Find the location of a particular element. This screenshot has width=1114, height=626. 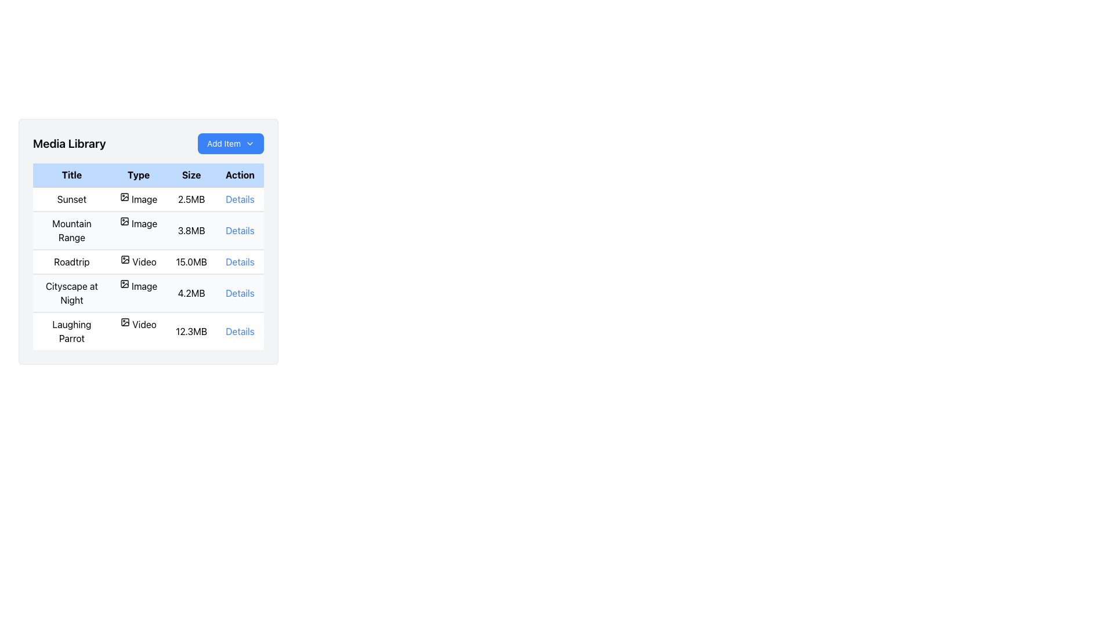

the text label displaying 'Cityscape at Night' in the fourth row of the table under the 'Title' column is located at coordinates (71, 292).